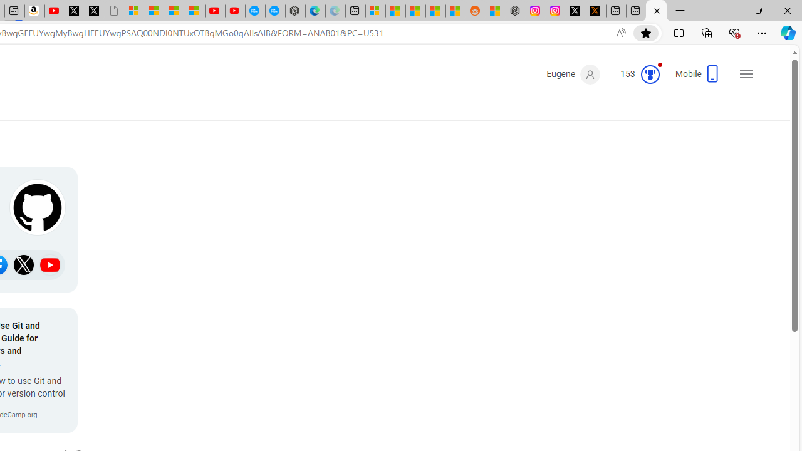 The width and height of the screenshot is (802, 451). What do you see at coordinates (650, 75) in the screenshot?
I see `'Class: medal-circled'` at bounding box center [650, 75].